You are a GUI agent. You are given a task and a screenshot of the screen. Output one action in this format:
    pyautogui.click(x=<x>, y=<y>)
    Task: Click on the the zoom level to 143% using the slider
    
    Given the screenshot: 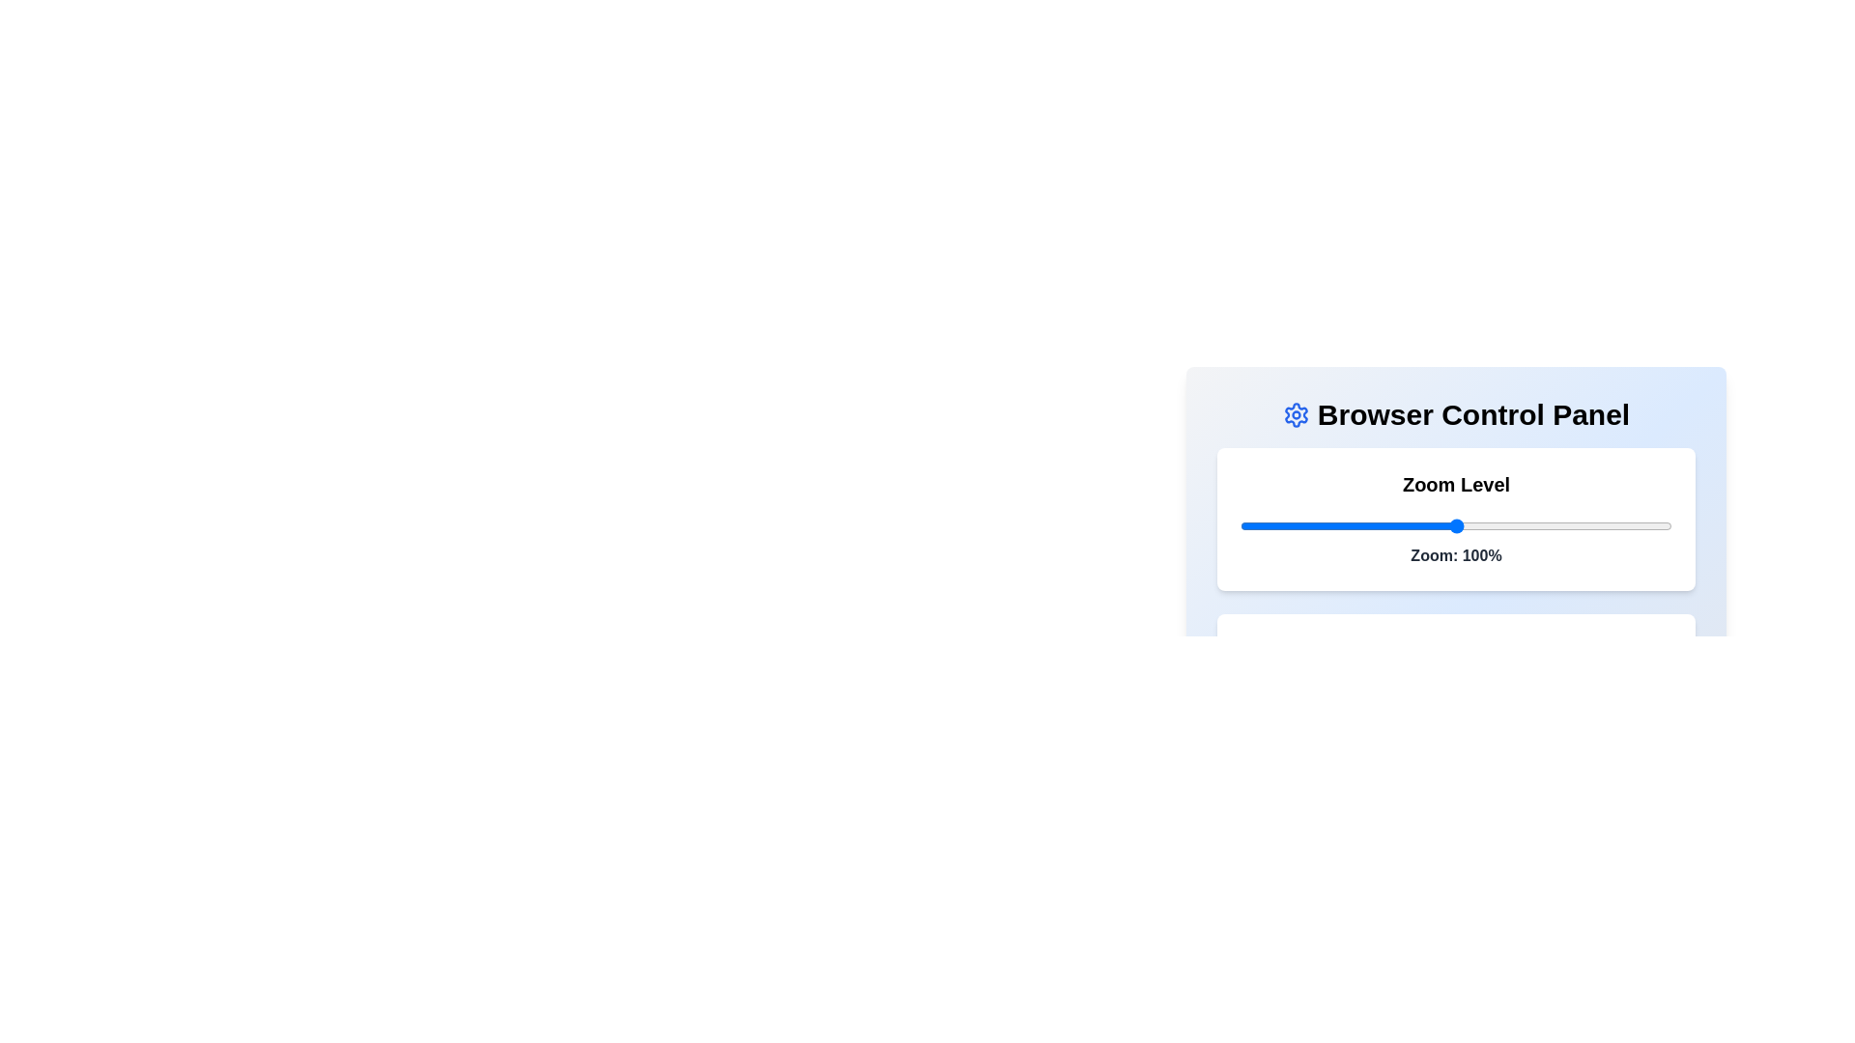 What is the action you would take?
    pyautogui.click(x=1641, y=525)
    